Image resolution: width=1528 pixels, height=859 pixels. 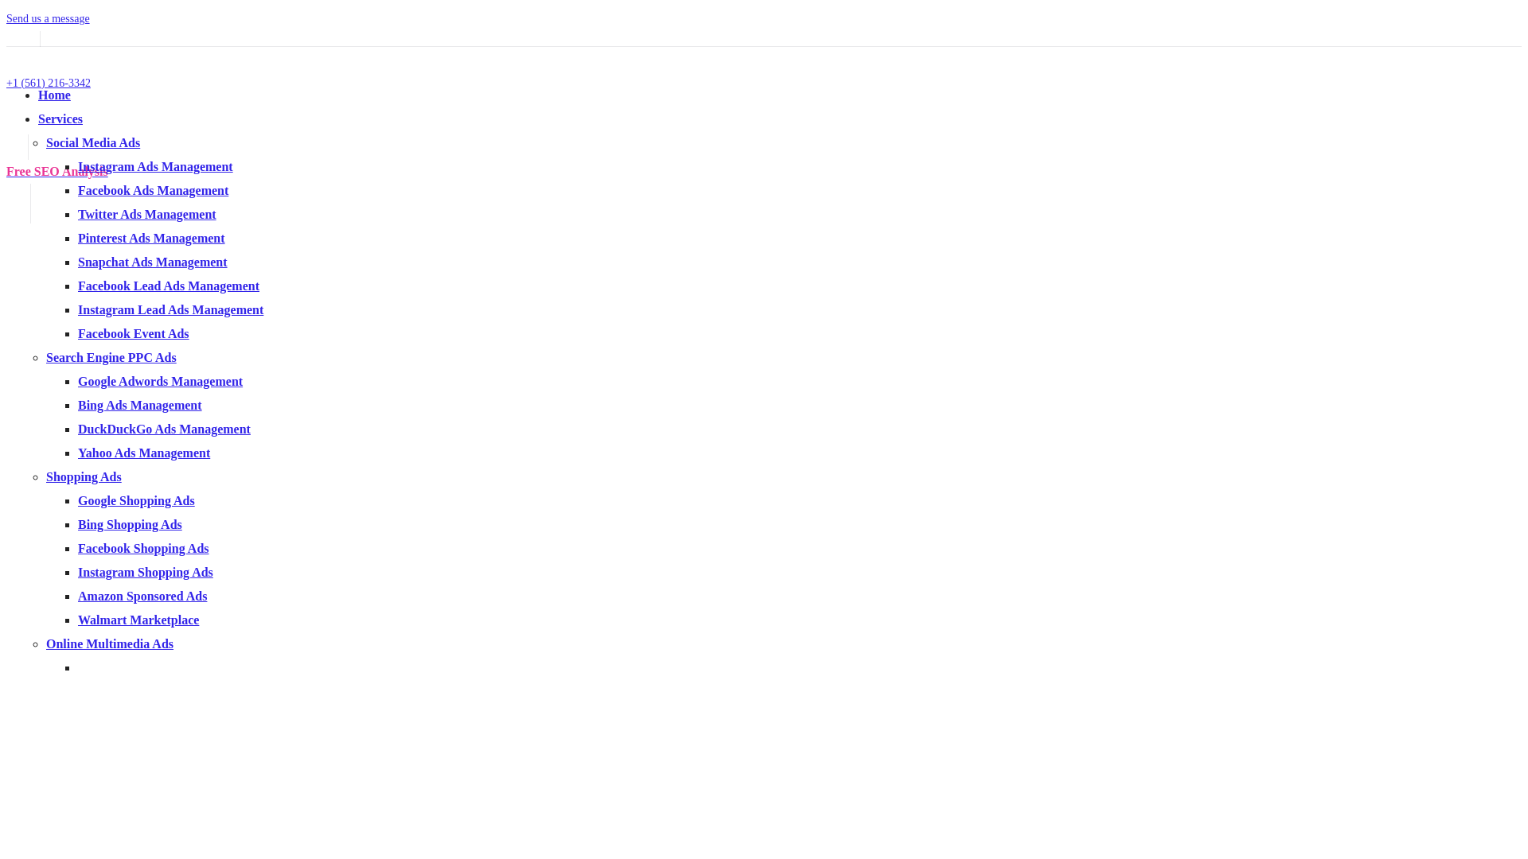 What do you see at coordinates (142, 596) in the screenshot?
I see `'Amazon Sponsored Ads'` at bounding box center [142, 596].